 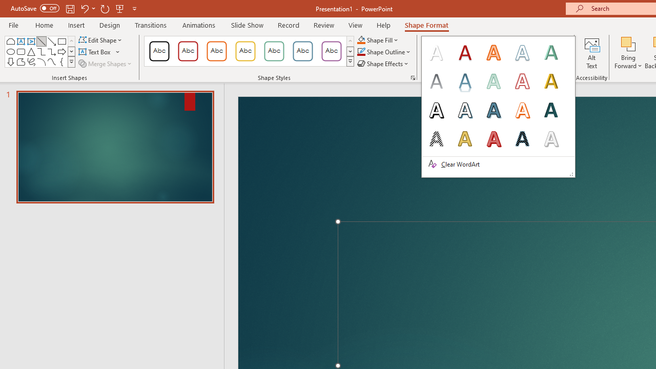 I want to click on 'Colored Outline - Purple, Accent 6', so click(x=332, y=51).